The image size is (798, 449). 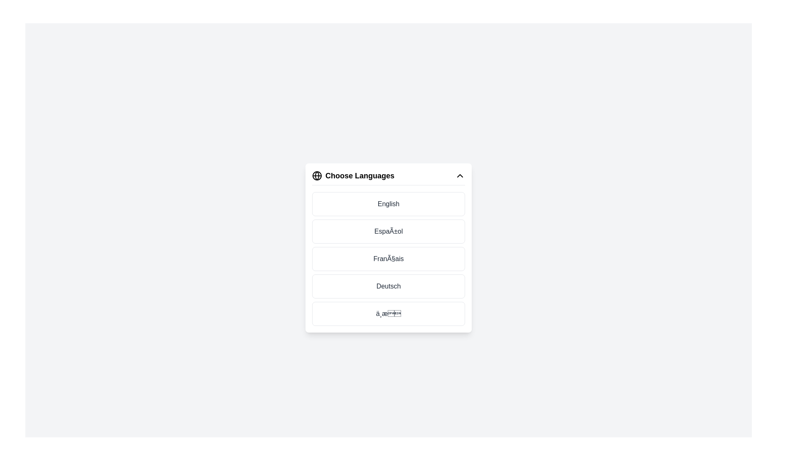 What do you see at coordinates (388, 231) in the screenshot?
I see `the 'Español' text label` at bounding box center [388, 231].